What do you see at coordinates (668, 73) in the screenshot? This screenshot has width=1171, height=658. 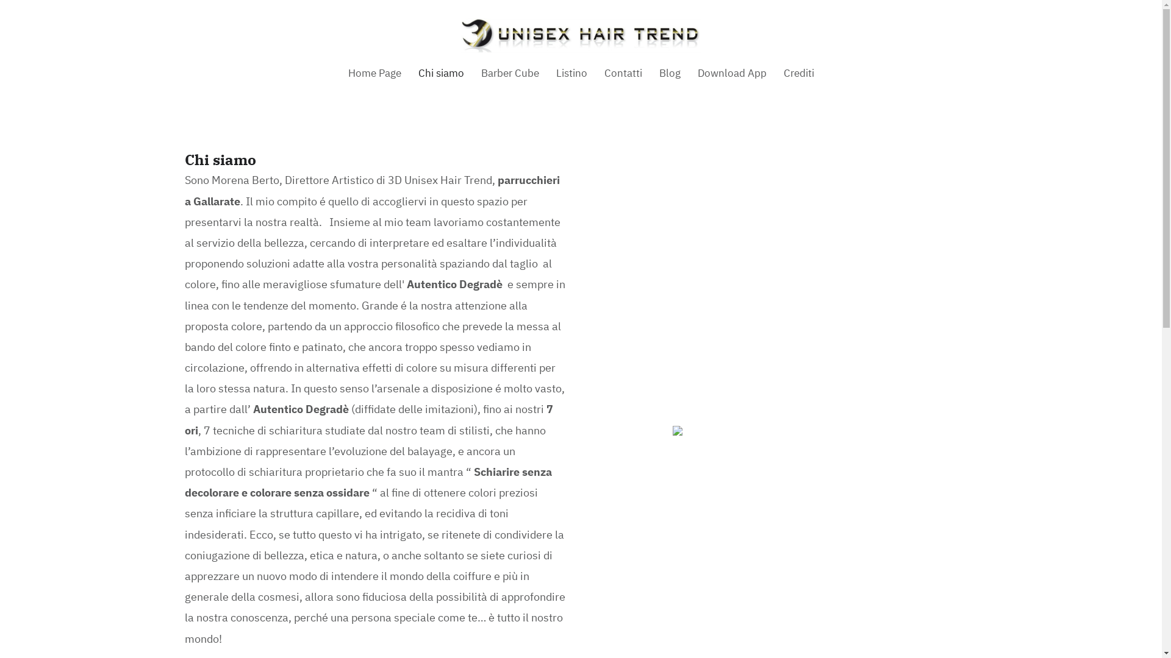 I see `'Blog'` at bounding box center [668, 73].